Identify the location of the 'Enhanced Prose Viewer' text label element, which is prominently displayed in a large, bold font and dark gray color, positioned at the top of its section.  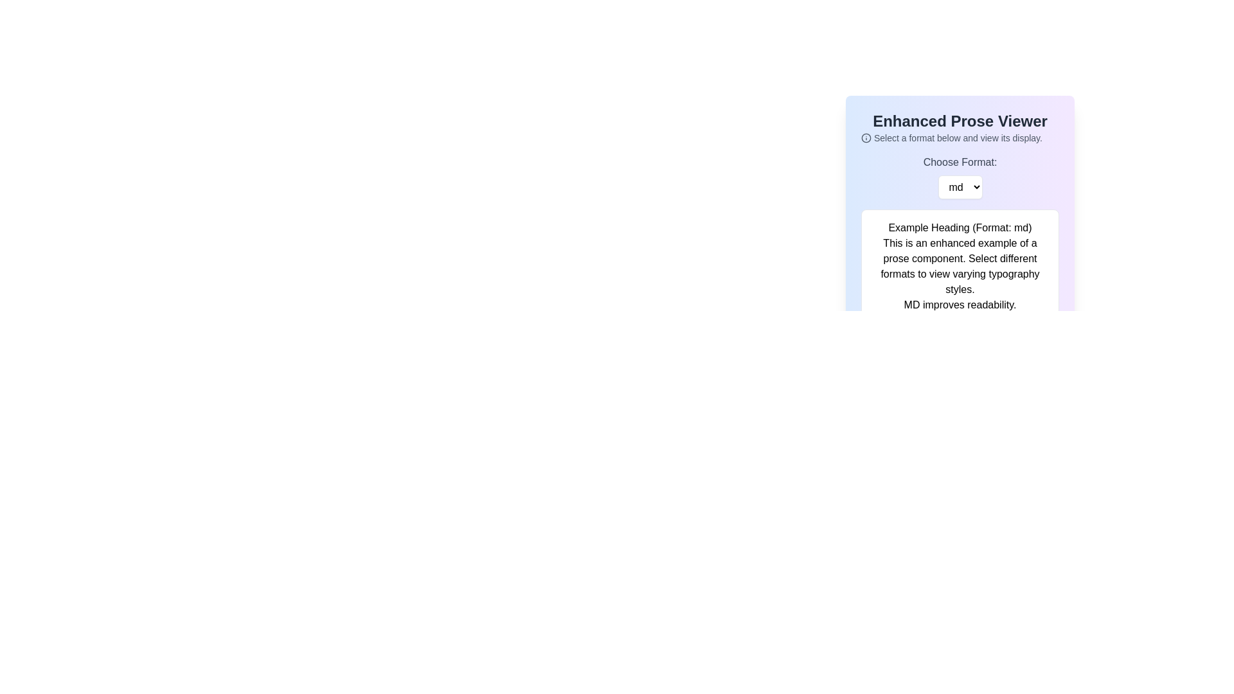
(960, 121).